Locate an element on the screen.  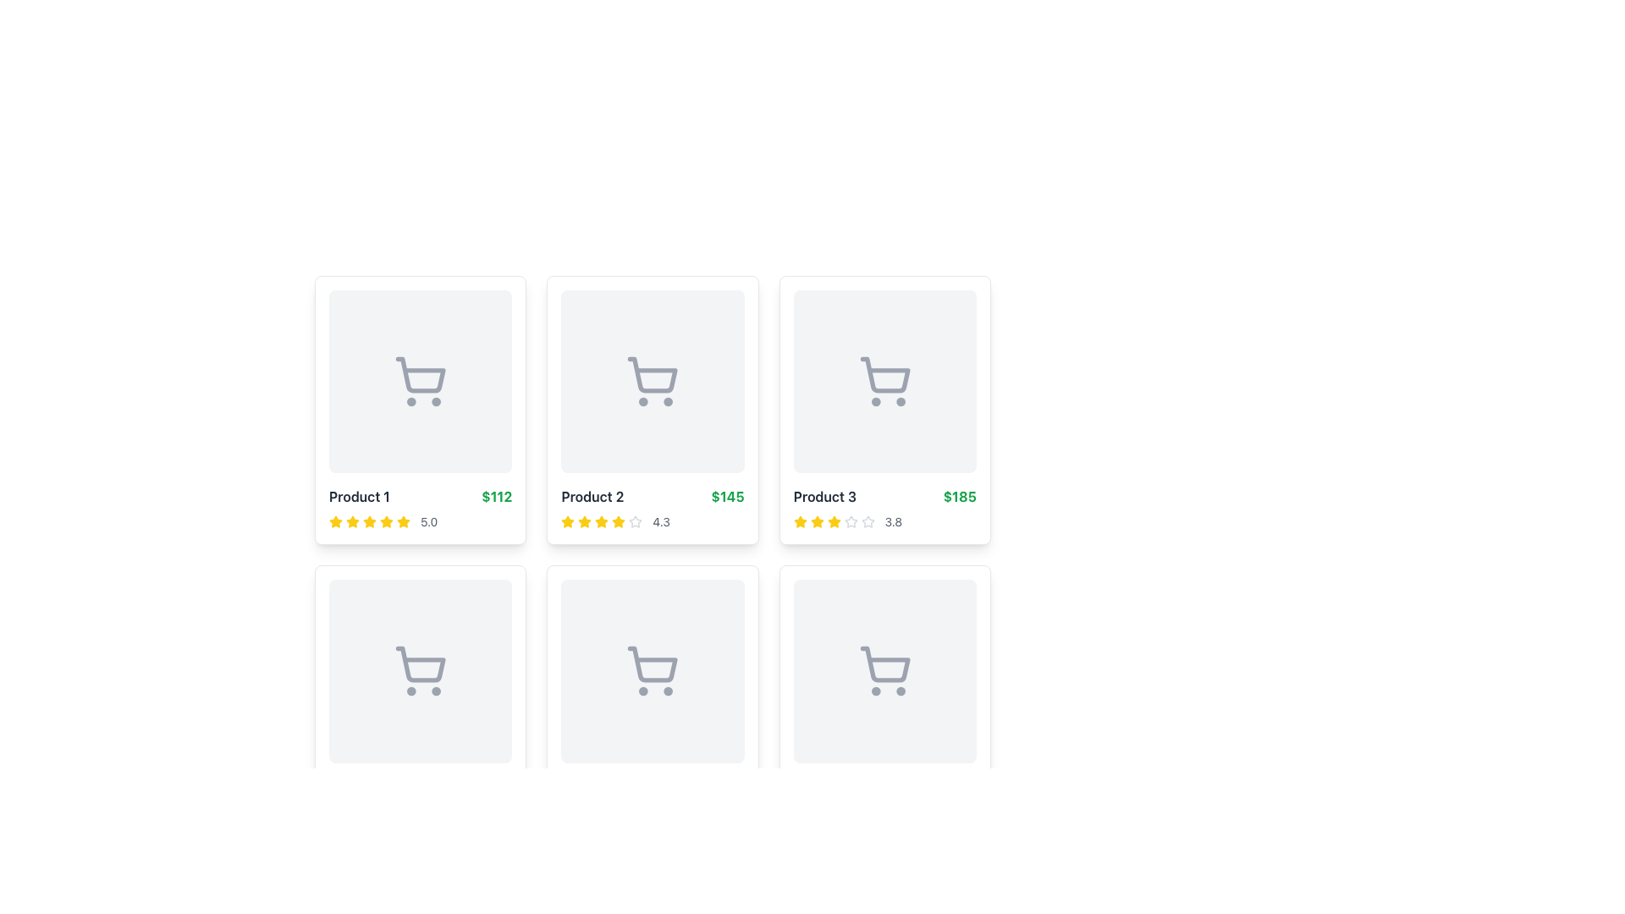
the rating display text located at the bottom section of the 'Product 3 $185' card, which is the rightmost card in the top row, for potential actions is located at coordinates (884, 521).